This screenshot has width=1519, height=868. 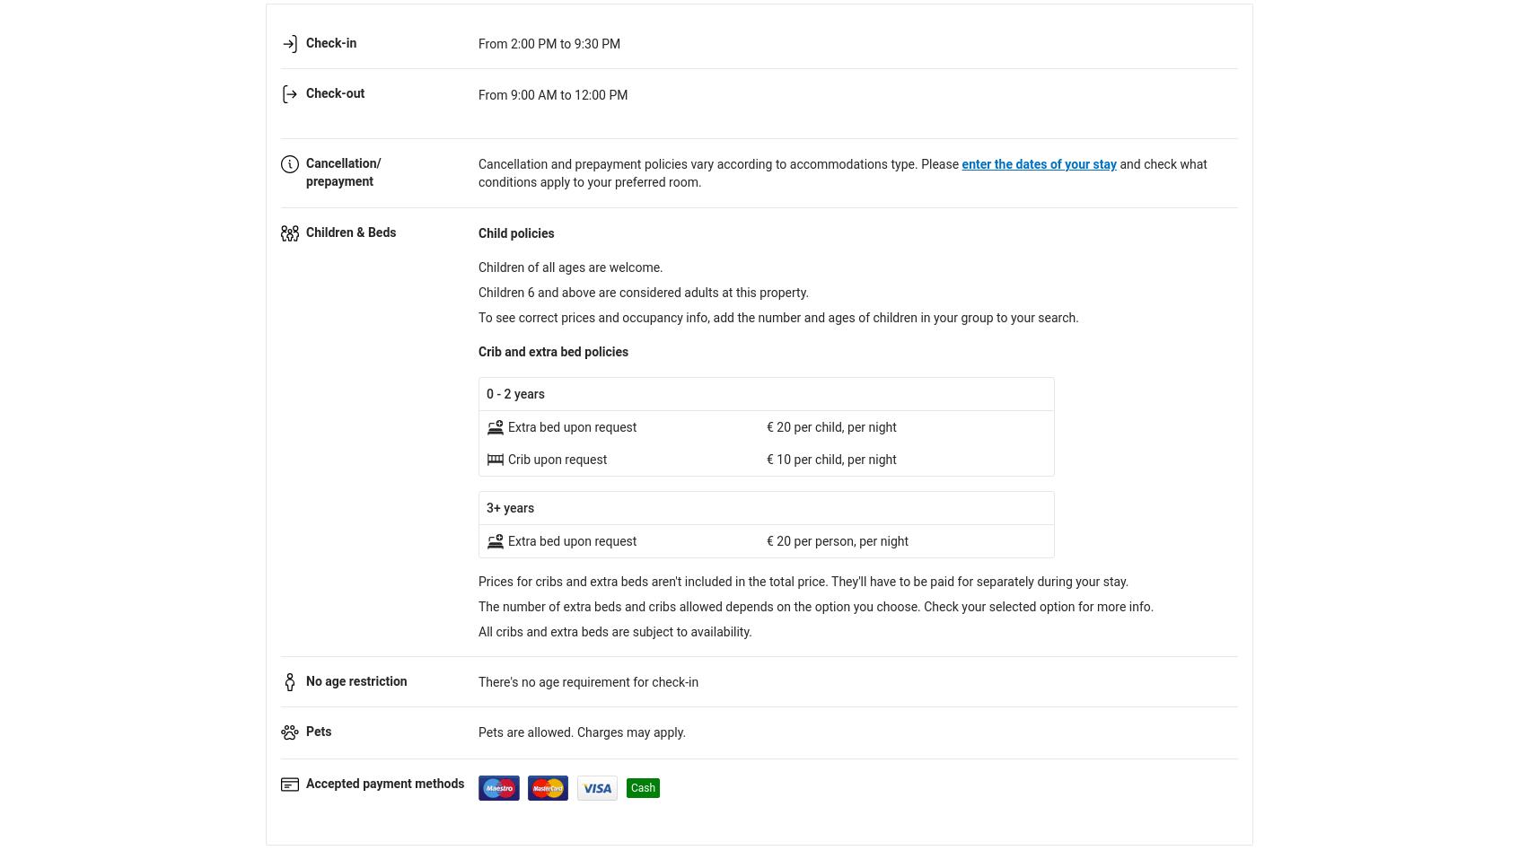 I want to click on 'Check-out', so click(x=335, y=92).